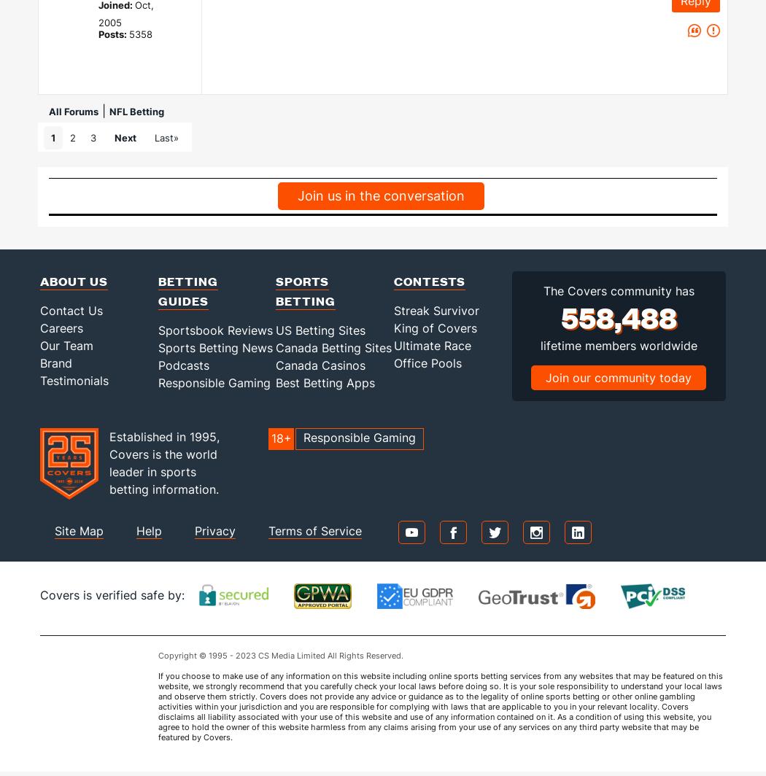 Image resolution: width=766 pixels, height=776 pixels. Describe the element at coordinates (268, 530) in the screenshot. I see `'Terms of Service'` at that location.